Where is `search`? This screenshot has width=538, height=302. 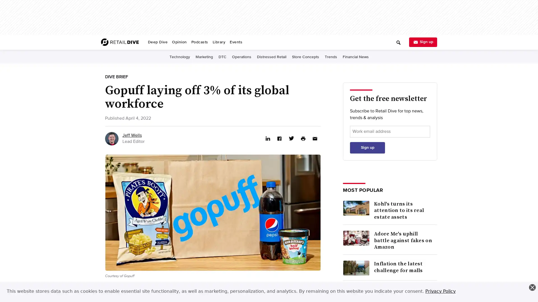
search is located at coordinates (312, 40).